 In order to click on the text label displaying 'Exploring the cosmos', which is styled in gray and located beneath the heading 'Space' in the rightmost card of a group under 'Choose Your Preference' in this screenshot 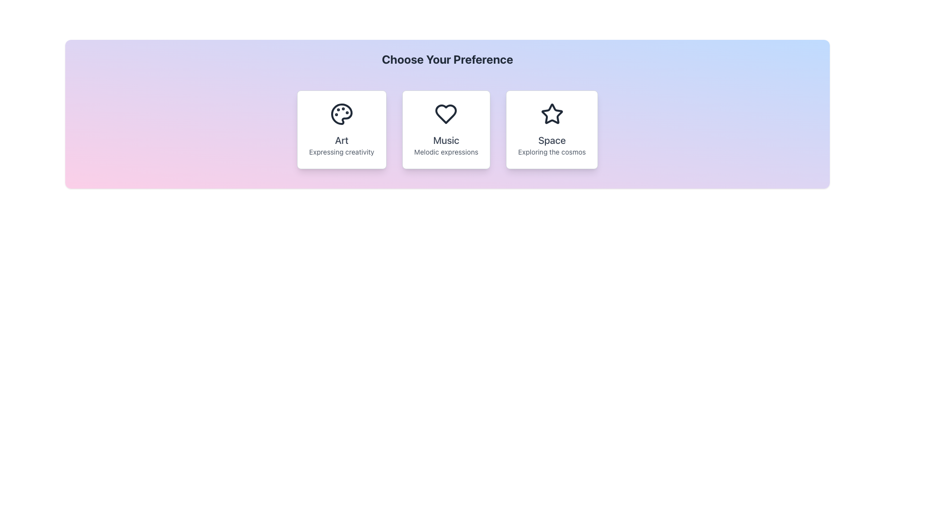, I will do `click(552, 152)`.